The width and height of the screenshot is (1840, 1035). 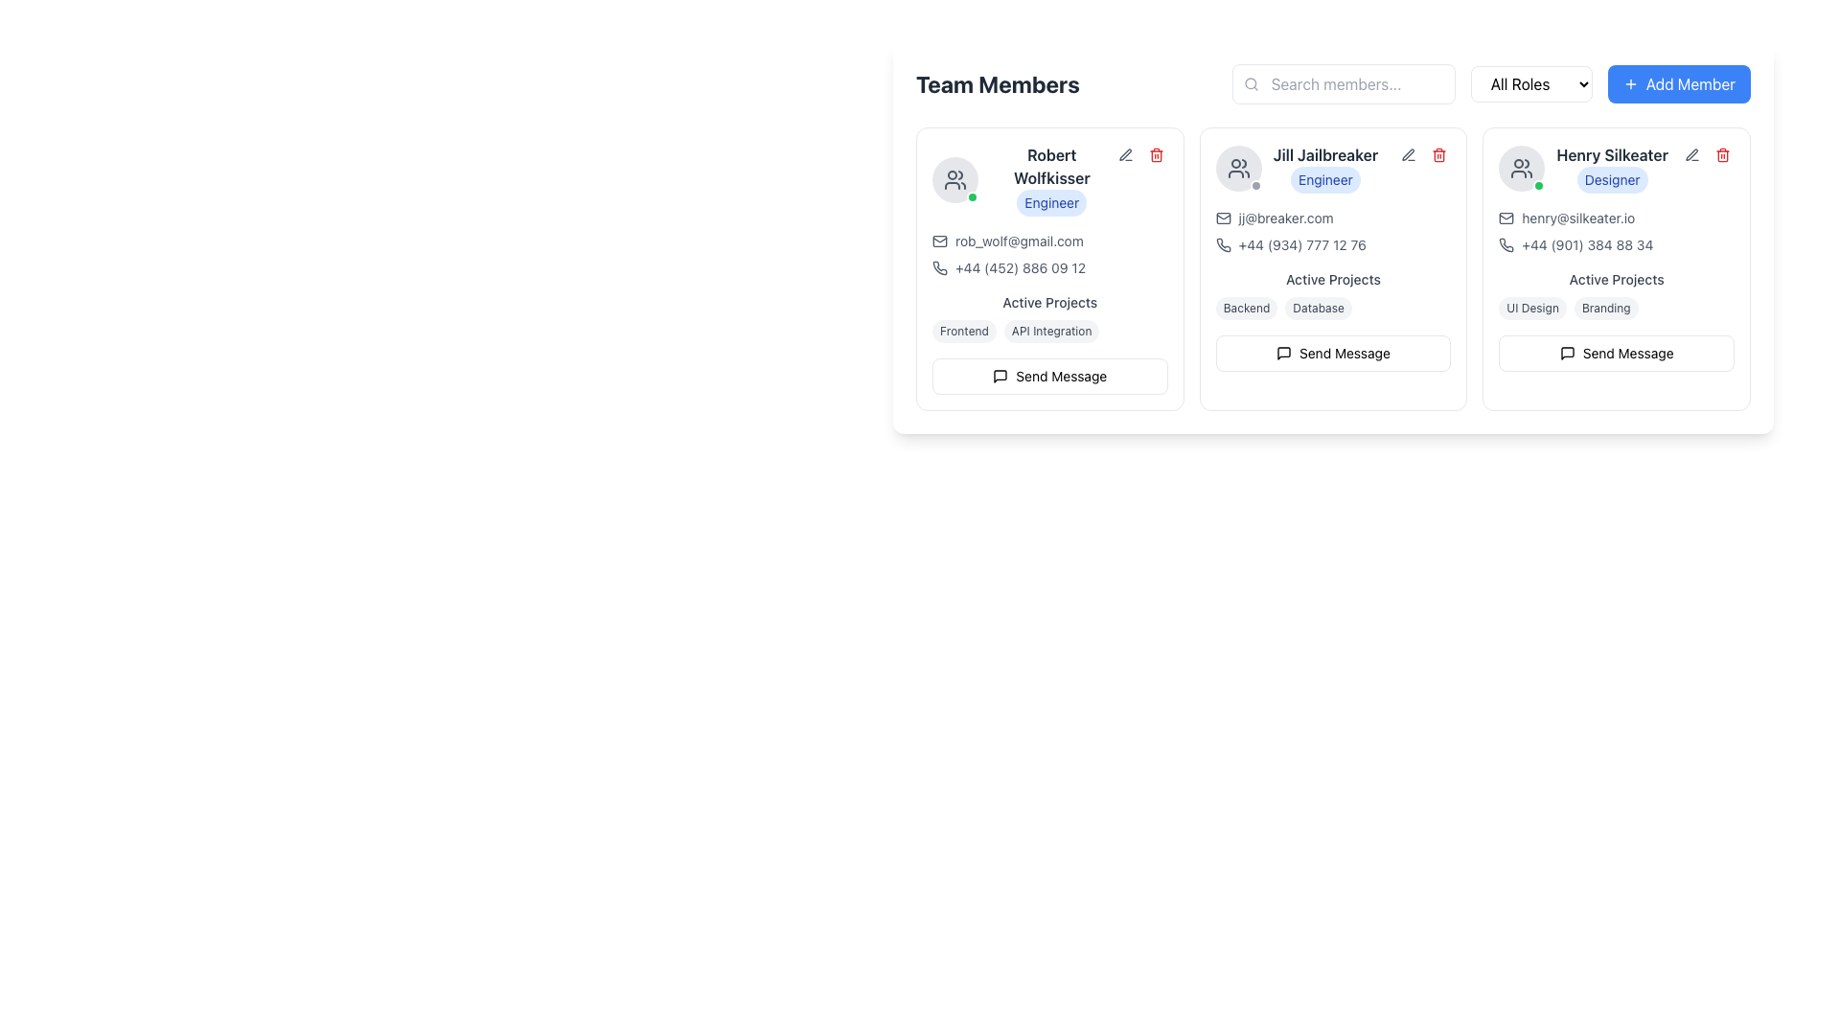 I want to click on the clickable email address 'henry@silkeater.io', so click(x=1578, y=217).